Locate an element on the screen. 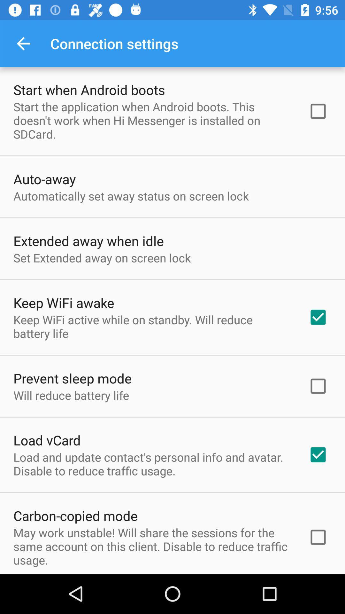 This screenshot has height=614, width=345. item above start when android item is located at coordinates (23, 43).